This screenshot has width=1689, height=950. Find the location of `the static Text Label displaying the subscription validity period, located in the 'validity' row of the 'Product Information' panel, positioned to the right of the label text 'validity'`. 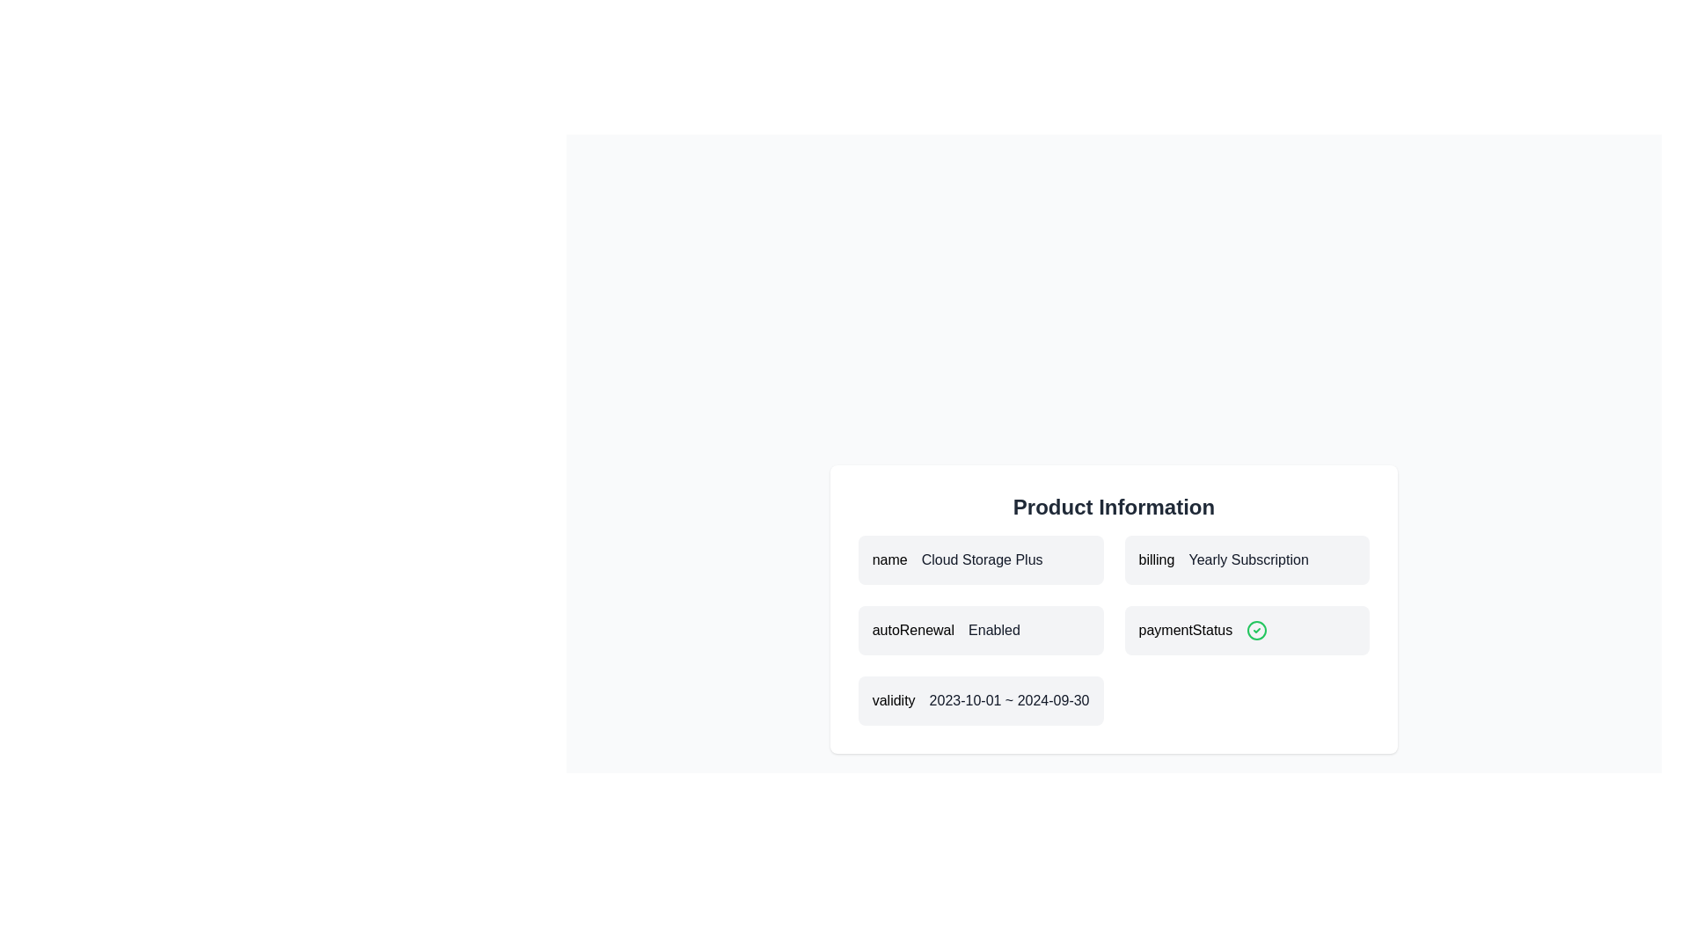

the static Text Label displaying the subscription validity period, located in the 'validity' row of the 'Product Information' panel, positioned to the right of the label text 'validity' is located at coordinates (1009, 699).